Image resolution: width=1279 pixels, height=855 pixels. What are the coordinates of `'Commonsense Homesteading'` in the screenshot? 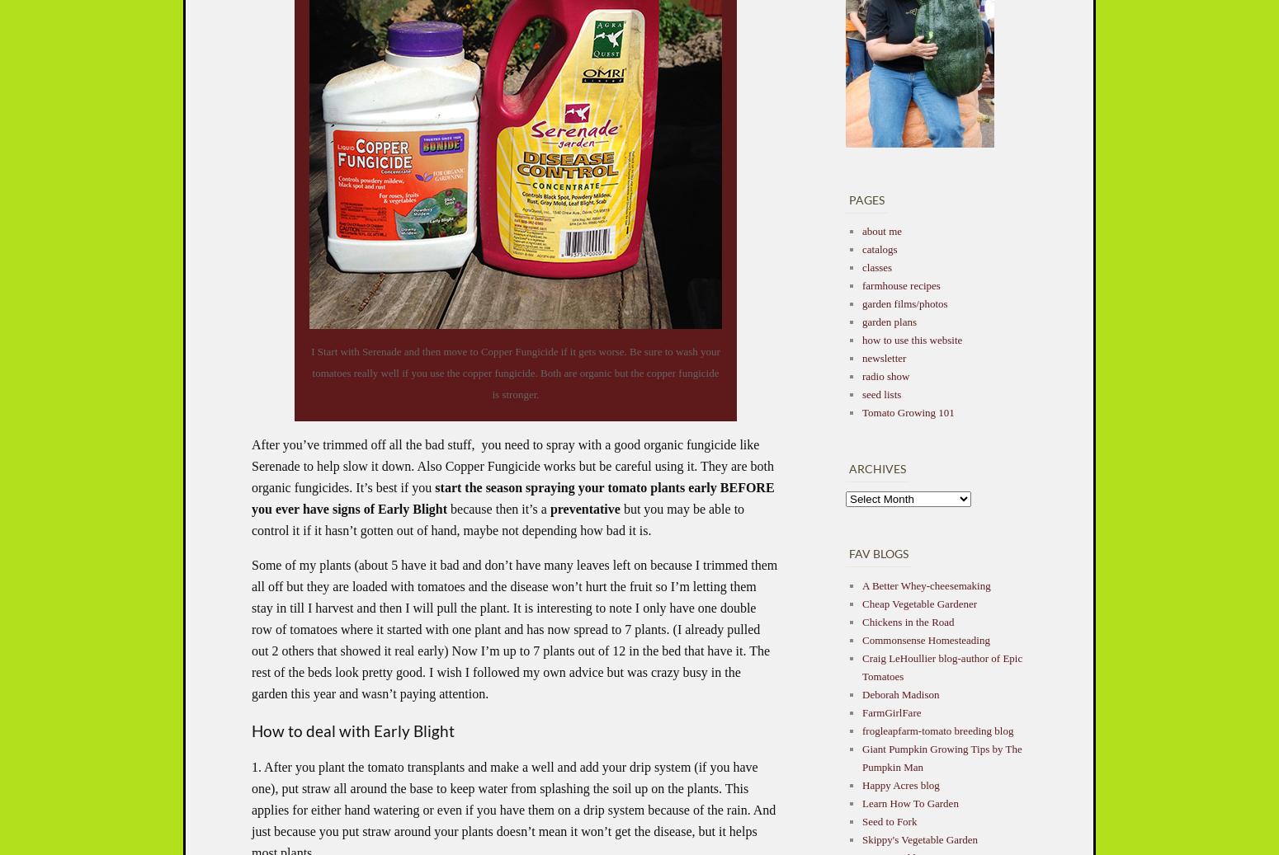 It's located at (925, 639).